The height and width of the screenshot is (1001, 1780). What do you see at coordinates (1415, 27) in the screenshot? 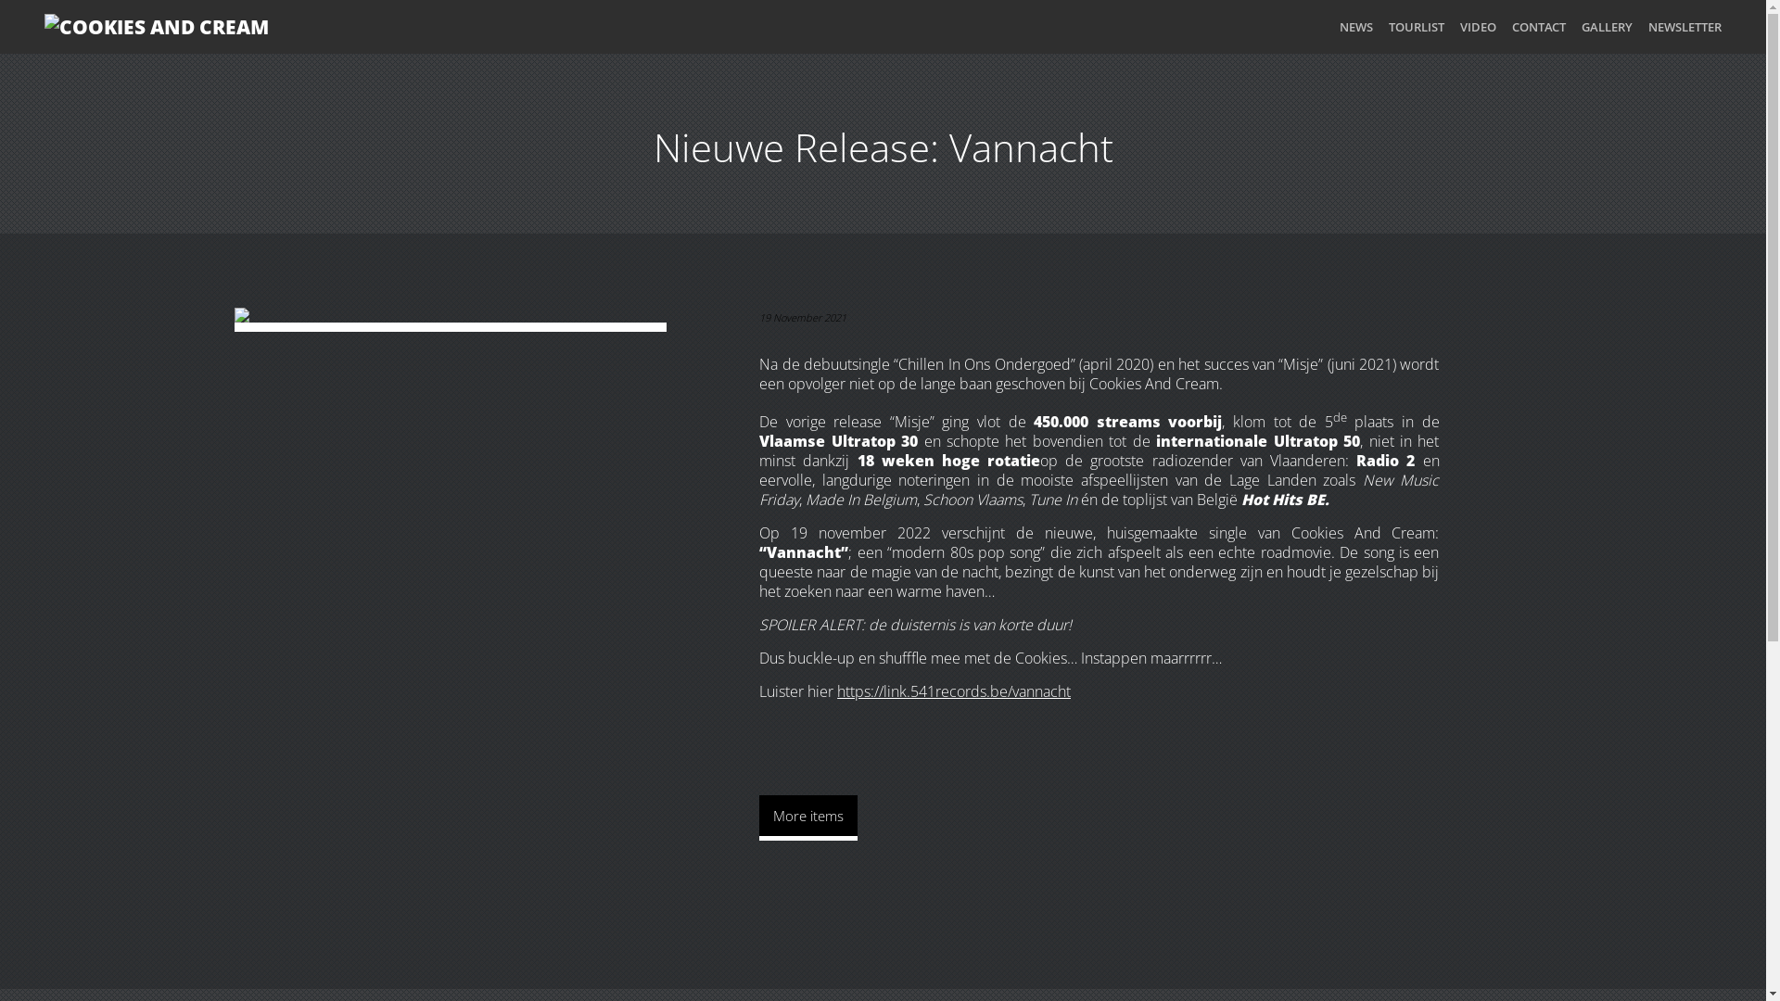
I see `'TOURLIST'` at bounding box center [1415, 27].